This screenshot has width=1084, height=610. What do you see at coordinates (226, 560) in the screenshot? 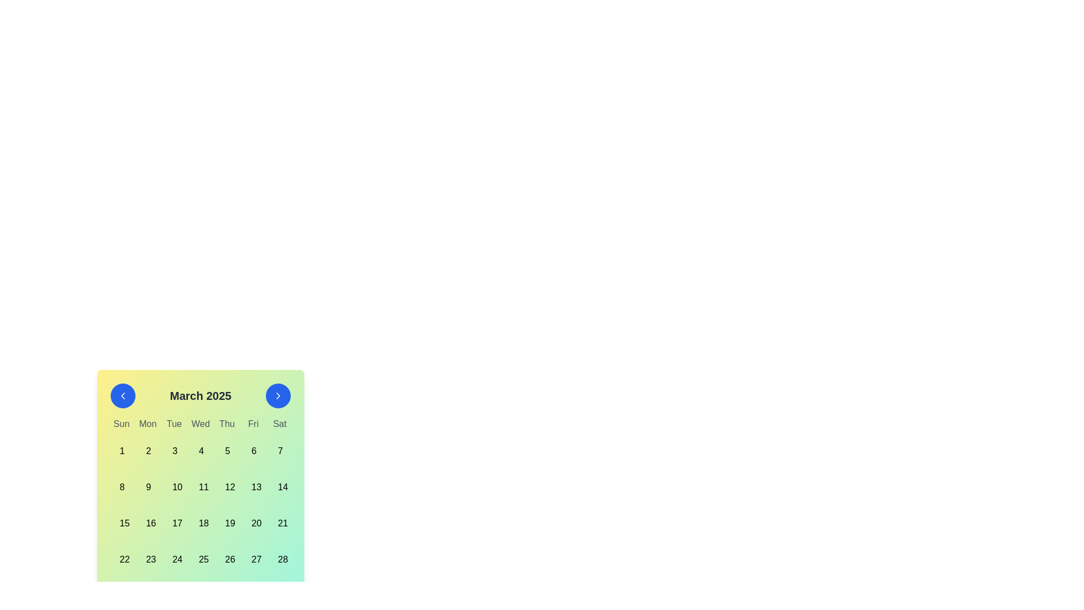
I see `the button-like grid item displaying the text '26'` at bounding box center [226, 560].